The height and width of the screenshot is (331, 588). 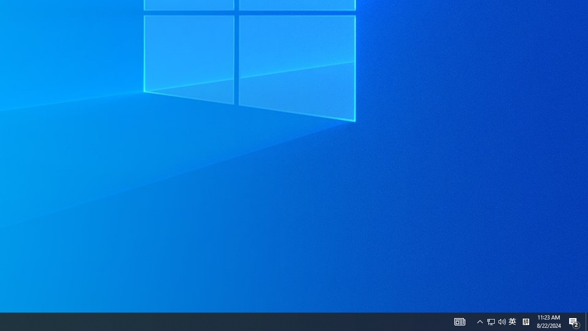 What do you see at coordinates (491, 321) in the screenshot?
I see `'User Promoted Notification Area'` at bounding box center [491, 321].